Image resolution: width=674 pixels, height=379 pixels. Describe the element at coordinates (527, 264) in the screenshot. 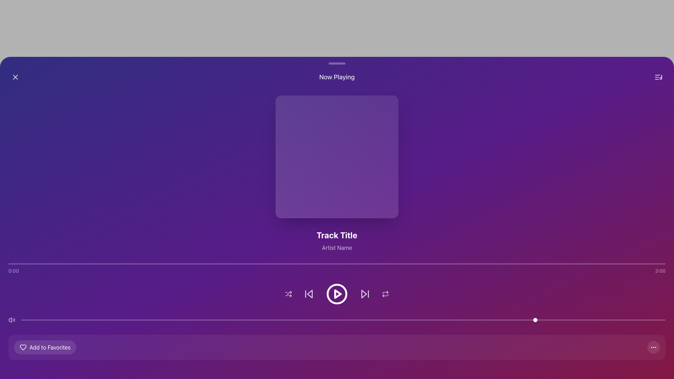

I see `the playback progress` at that location.